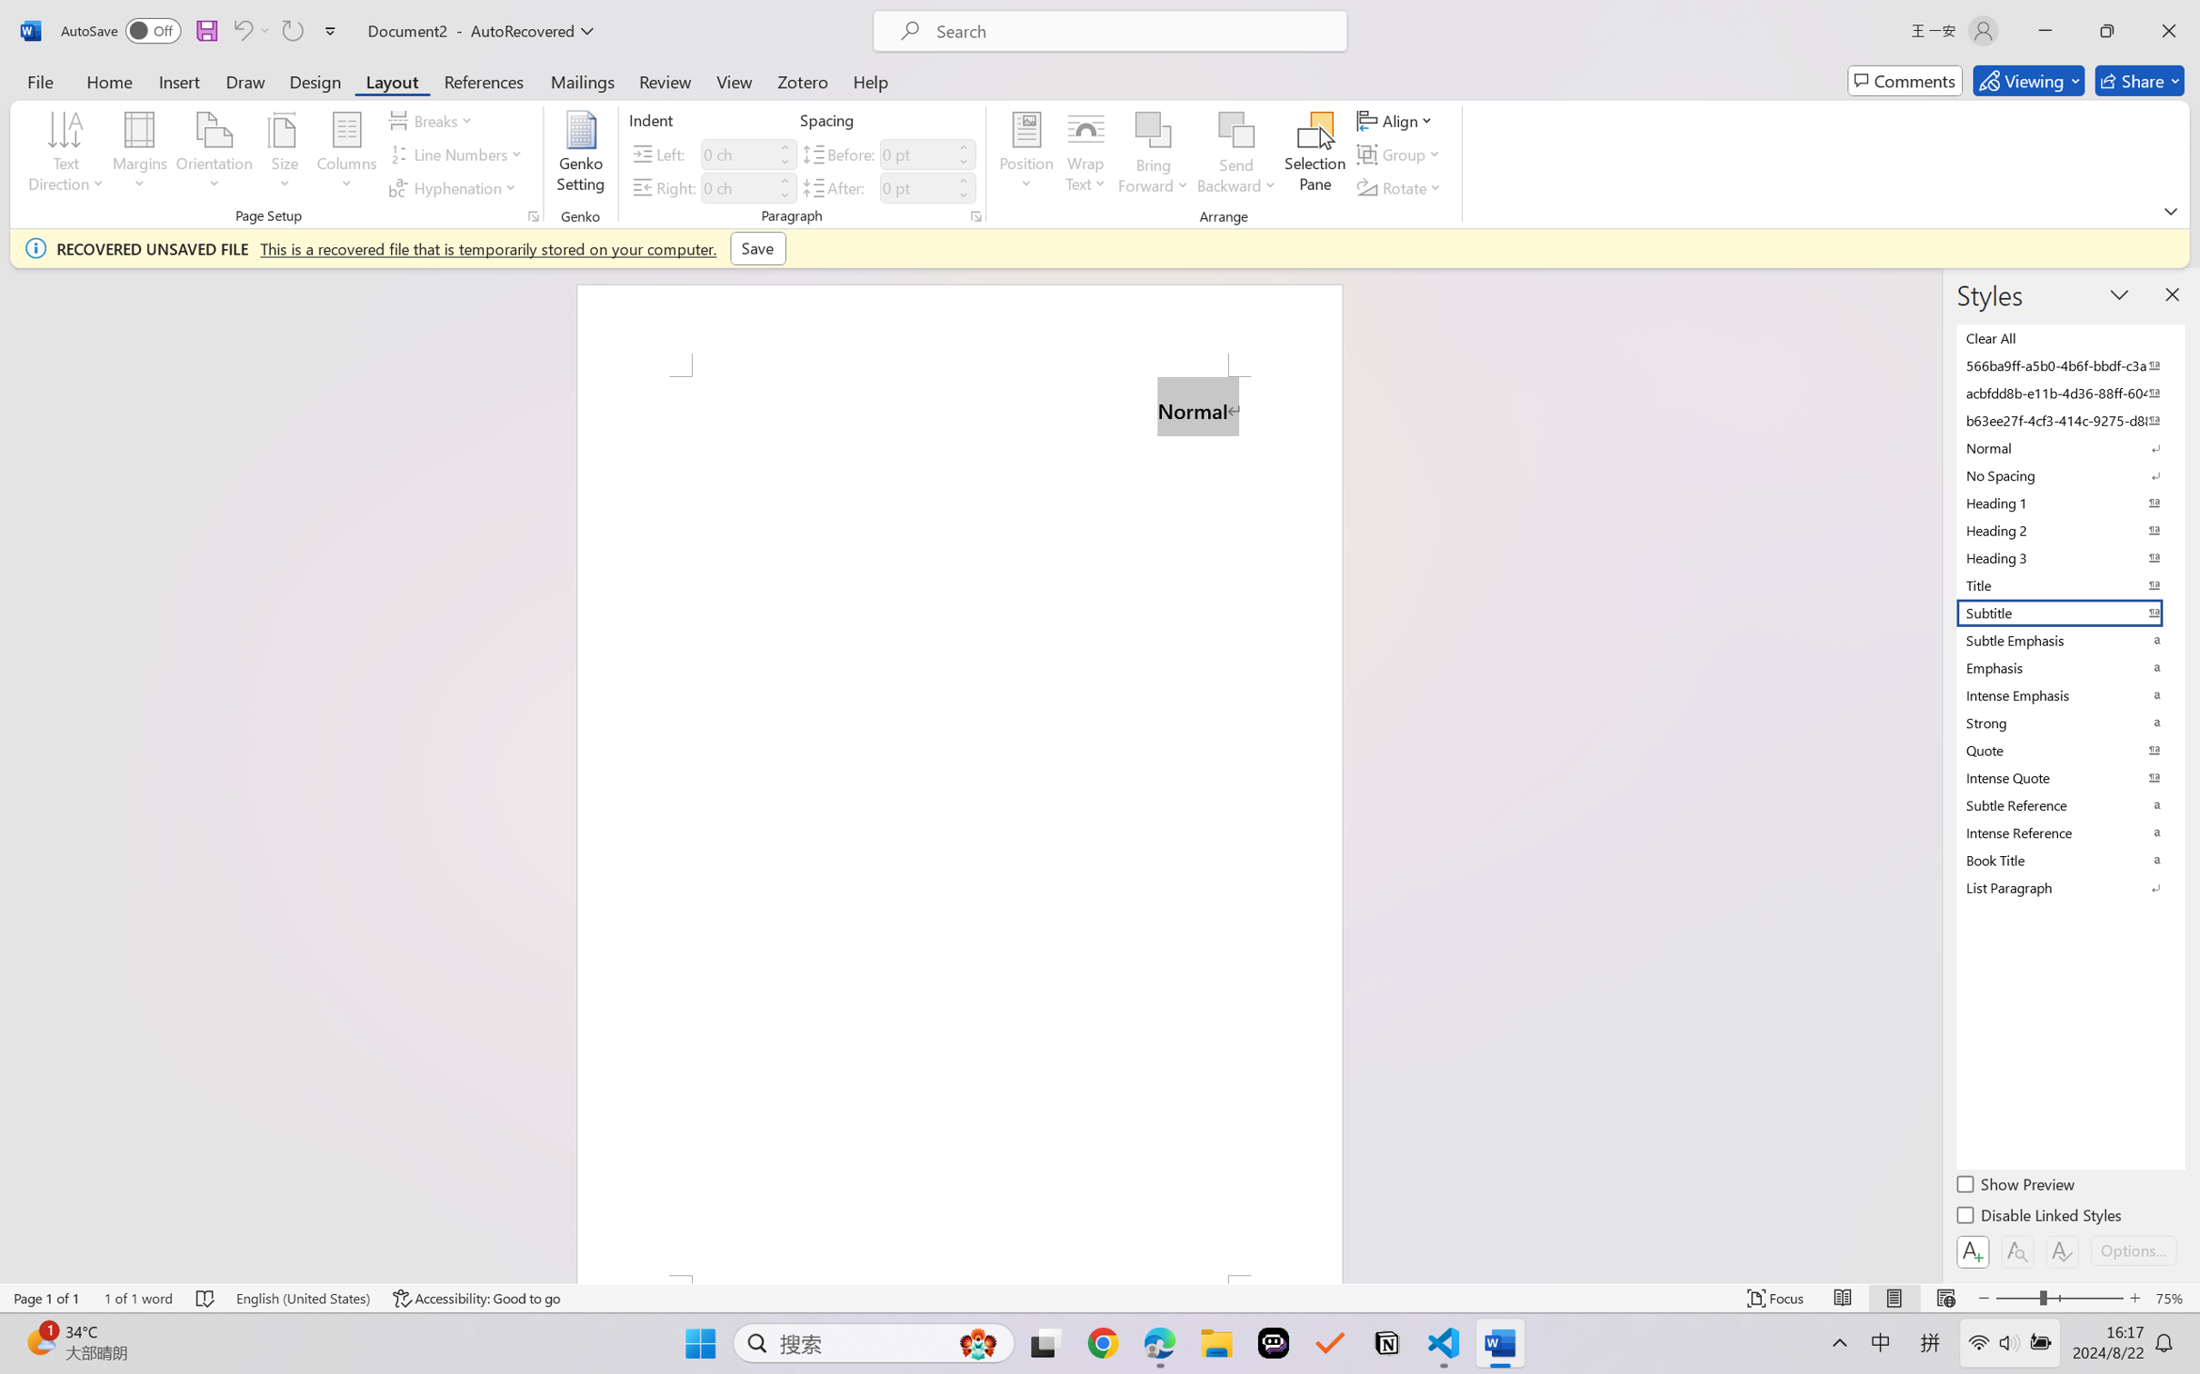 Image resolution: width=2200 pixels, height=1374 pixels. I want to click on 'Rotate', so click(1400, 188).